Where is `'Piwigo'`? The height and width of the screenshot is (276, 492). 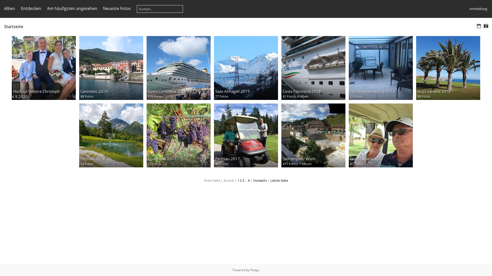 'Piwigo' is located at coordinates (254, 270).